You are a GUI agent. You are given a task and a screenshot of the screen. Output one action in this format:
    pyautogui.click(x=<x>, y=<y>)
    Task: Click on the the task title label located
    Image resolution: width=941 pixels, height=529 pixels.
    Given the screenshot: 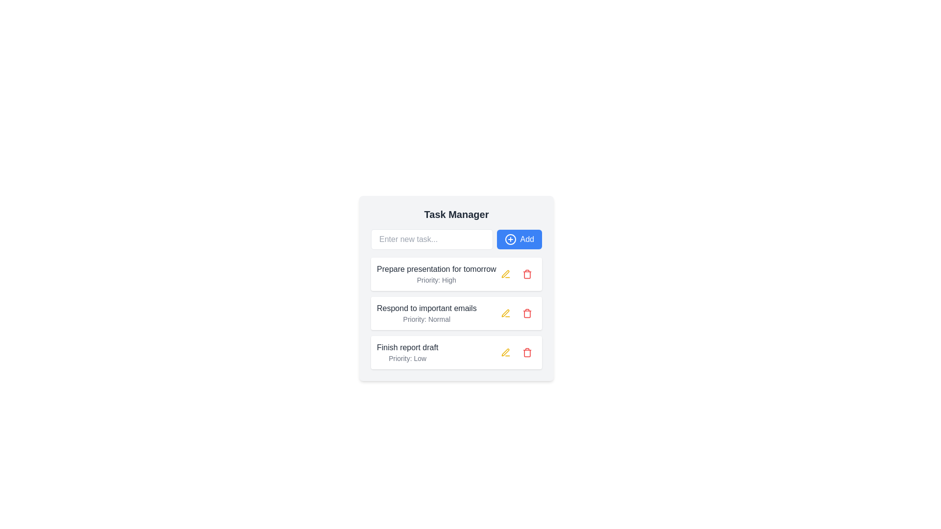 What is the action you would take?
    pyautogui.click(x=407, y=347)
    